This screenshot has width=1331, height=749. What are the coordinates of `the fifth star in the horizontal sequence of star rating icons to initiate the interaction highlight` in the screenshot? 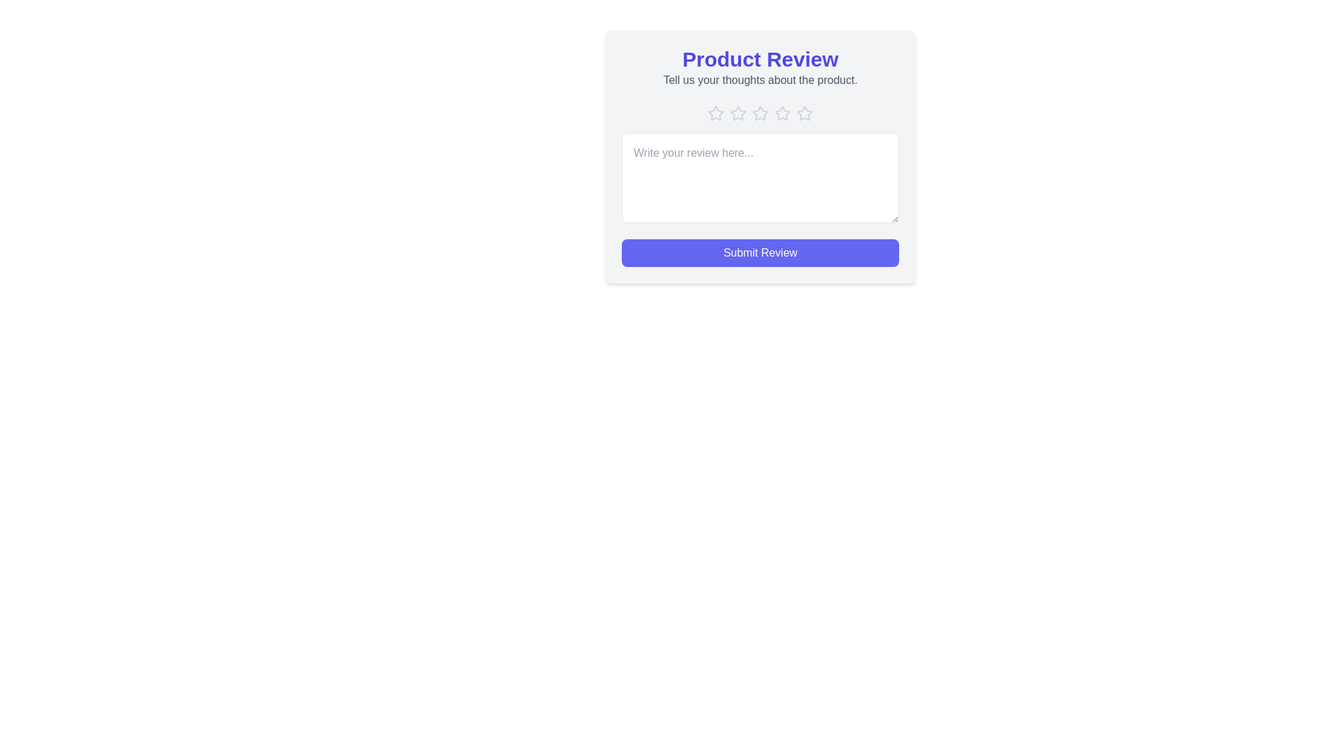 It's located at (805, 113).